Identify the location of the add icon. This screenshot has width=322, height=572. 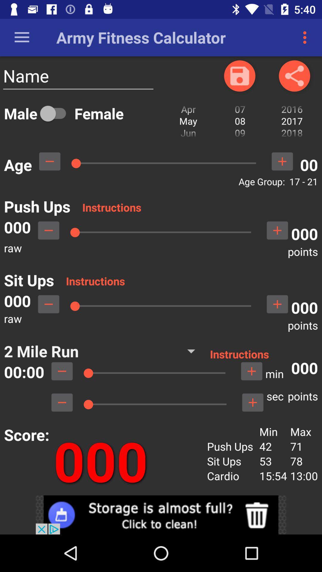
(277, 230).